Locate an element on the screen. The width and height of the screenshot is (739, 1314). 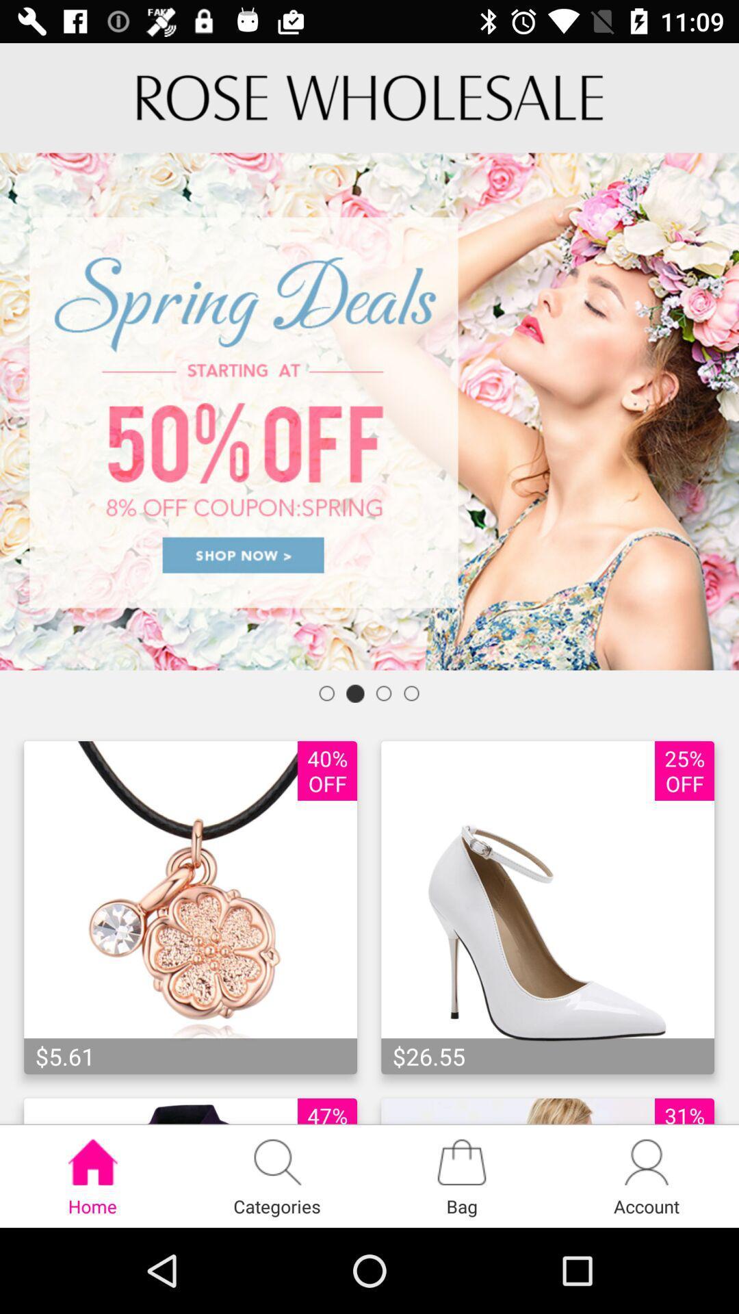
spring deals for 50 option is located at coordinates (369, 411).